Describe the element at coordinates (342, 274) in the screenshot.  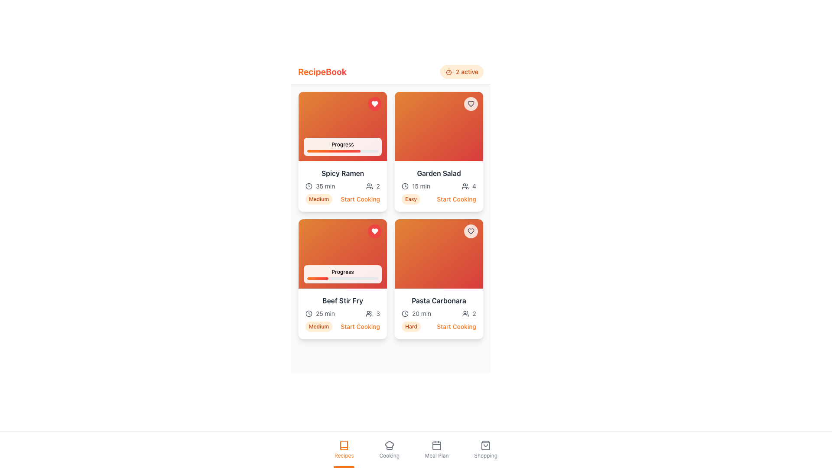
I see `the progress level indicated by the Progress Indicator labeled 'Progress' located in the bottom section of the 'Beef Stir Fry' card, positioned in the second row, first column of the grid layout` at that location.